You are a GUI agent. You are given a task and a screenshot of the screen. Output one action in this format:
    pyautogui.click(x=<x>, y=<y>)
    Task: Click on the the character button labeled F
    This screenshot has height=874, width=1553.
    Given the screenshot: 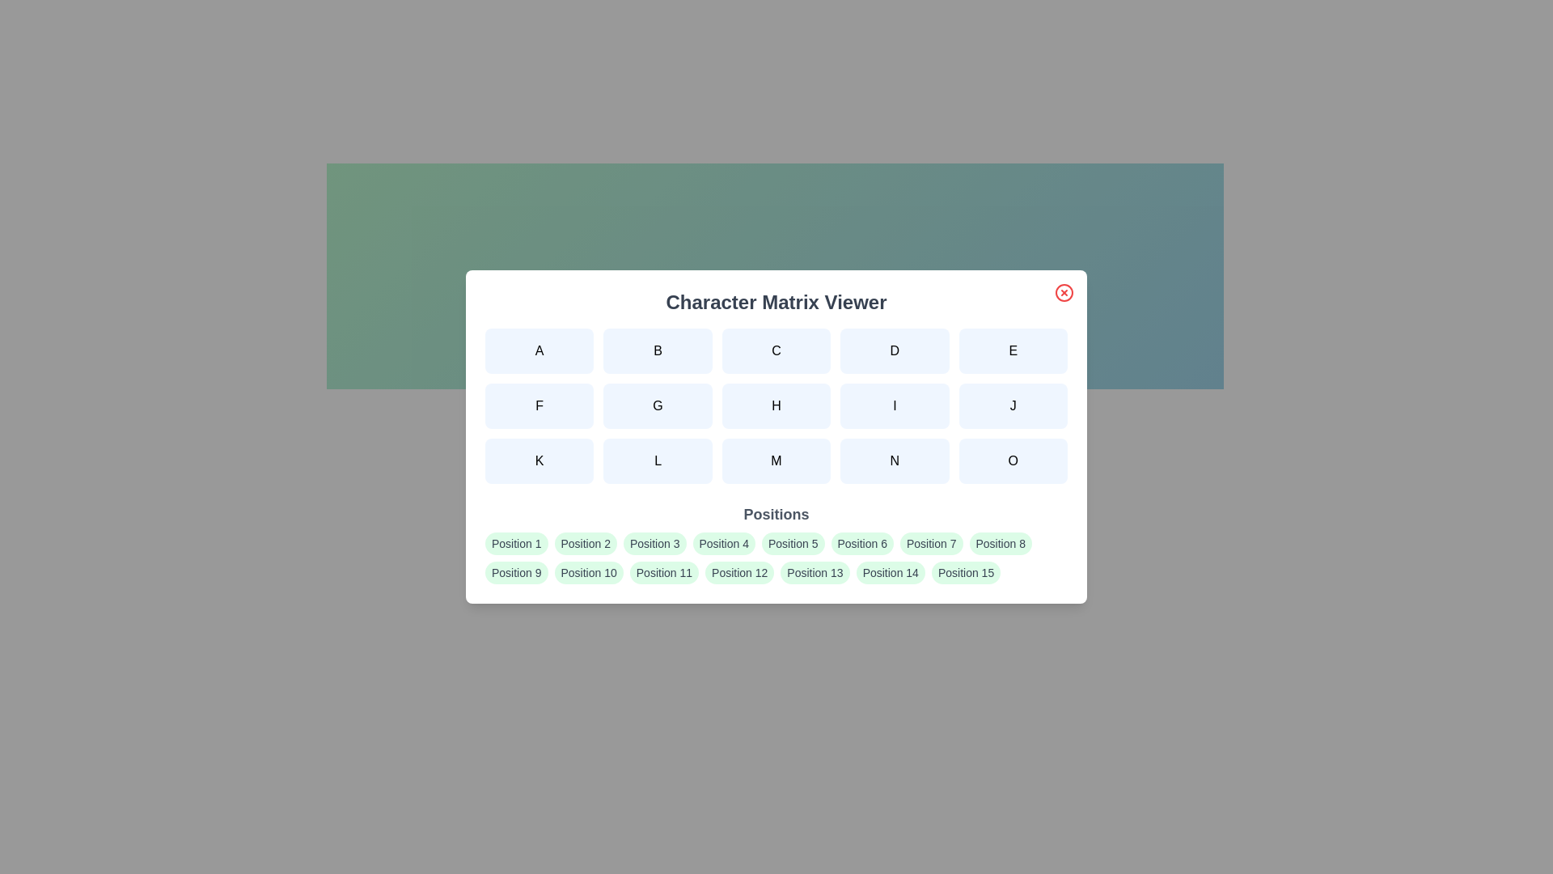 What is the action you would take?
    pyautogui.click(x=540, y=405)
    